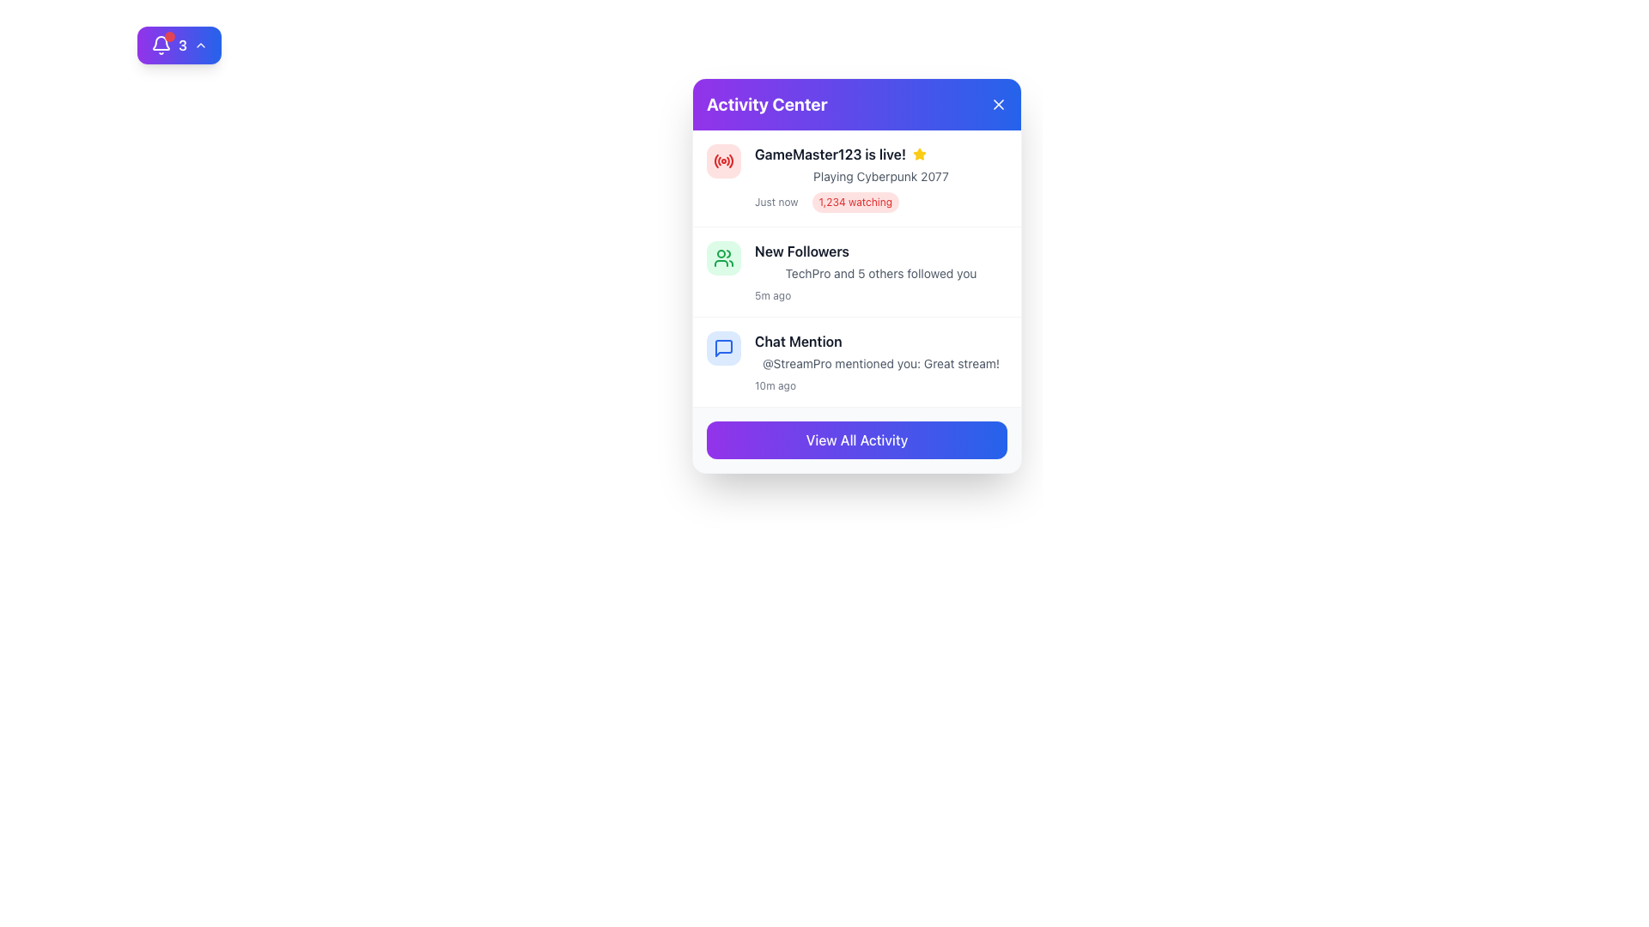 This screenshot has height=927, width=1649. I want to click on the 'New Followers' text label in the Activity Center modal to trigger any additional effects, so click(801, 251).